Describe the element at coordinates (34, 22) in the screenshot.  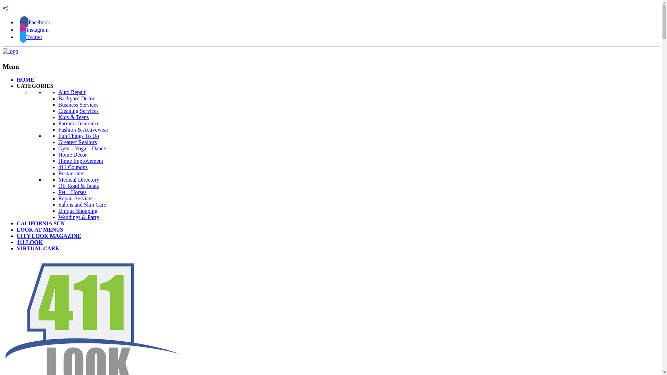
I see `'Facebook'` at that location.